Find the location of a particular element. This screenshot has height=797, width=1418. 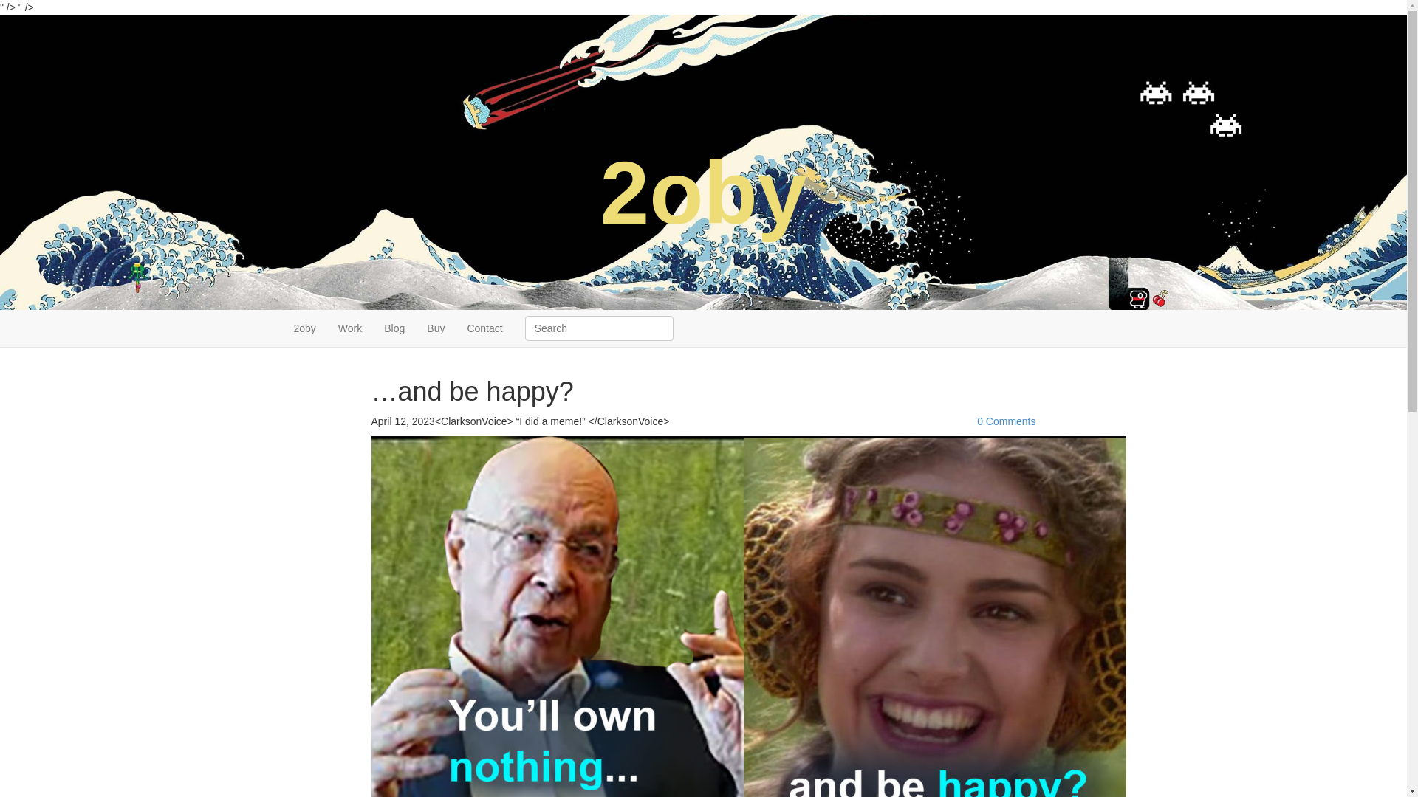

'2oby' is located at coordinates (304, 327).